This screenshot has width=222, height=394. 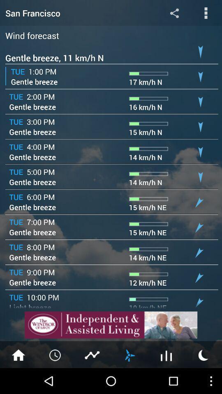 What do you see at coordinates (129, 354) in the screenshot?
I see `check wind speeds` at bounding box center [129, 354].